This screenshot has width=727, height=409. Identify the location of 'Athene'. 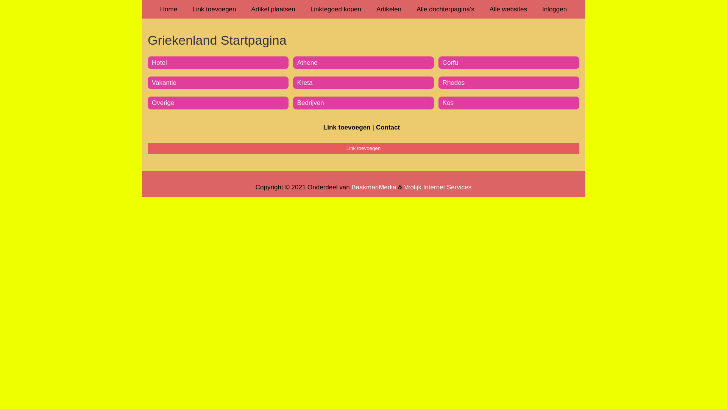
(307, 62).